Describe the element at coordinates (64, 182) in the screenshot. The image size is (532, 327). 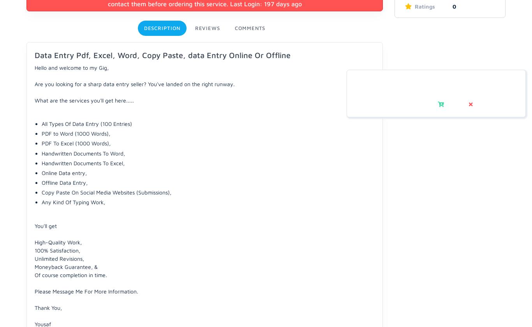
I see `'Offline Data Entry,'` at that location.